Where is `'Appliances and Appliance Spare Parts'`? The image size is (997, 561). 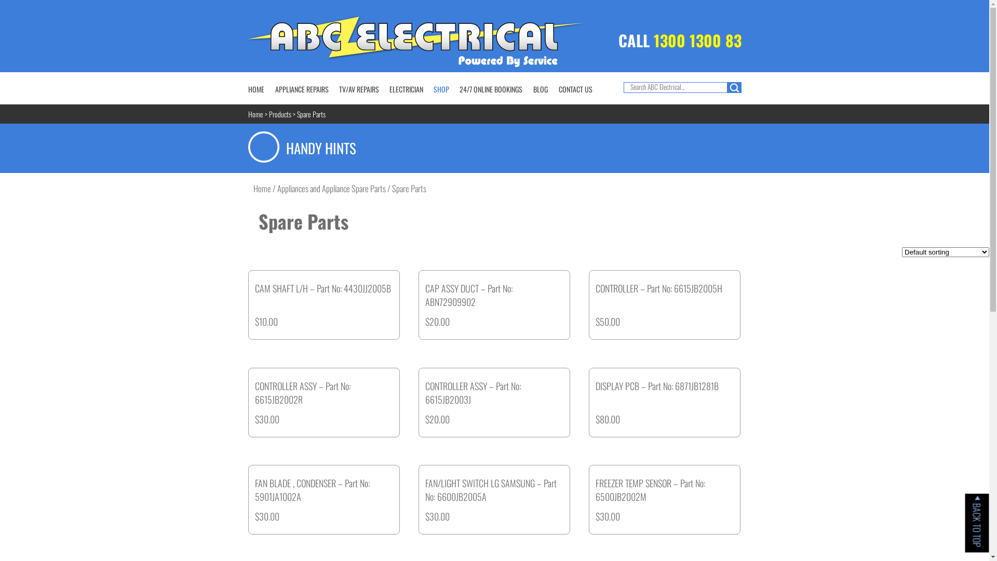 'Appliances and Appliance Spare Parts' is located at coordinates (331, 188).